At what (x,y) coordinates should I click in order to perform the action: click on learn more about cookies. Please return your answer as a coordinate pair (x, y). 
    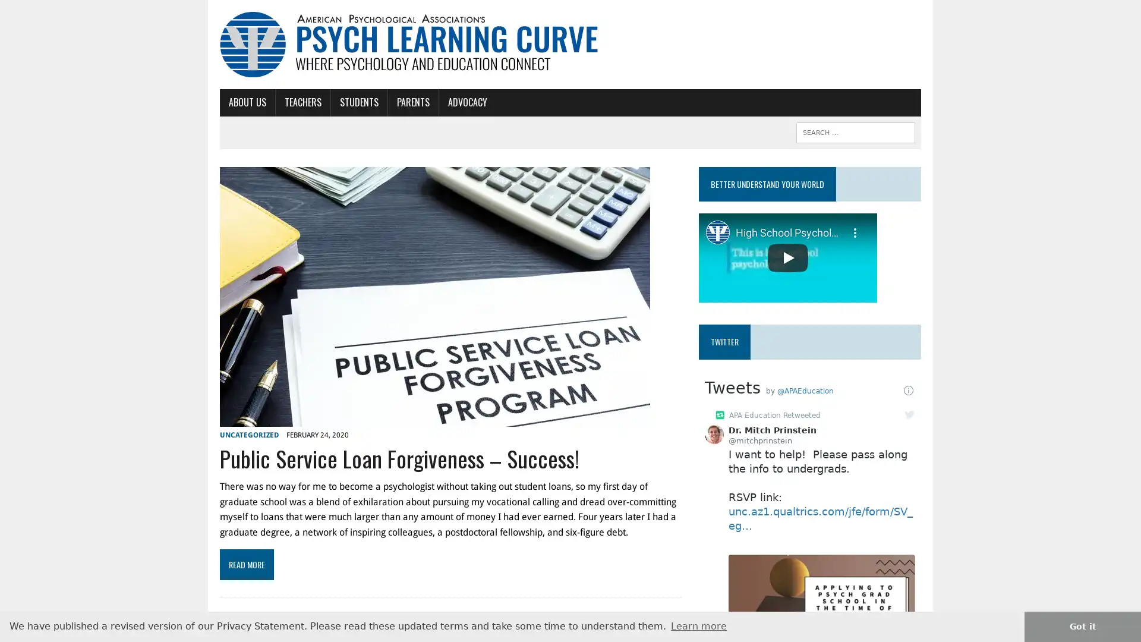
    Looking at the image, I should click on (699, 625).